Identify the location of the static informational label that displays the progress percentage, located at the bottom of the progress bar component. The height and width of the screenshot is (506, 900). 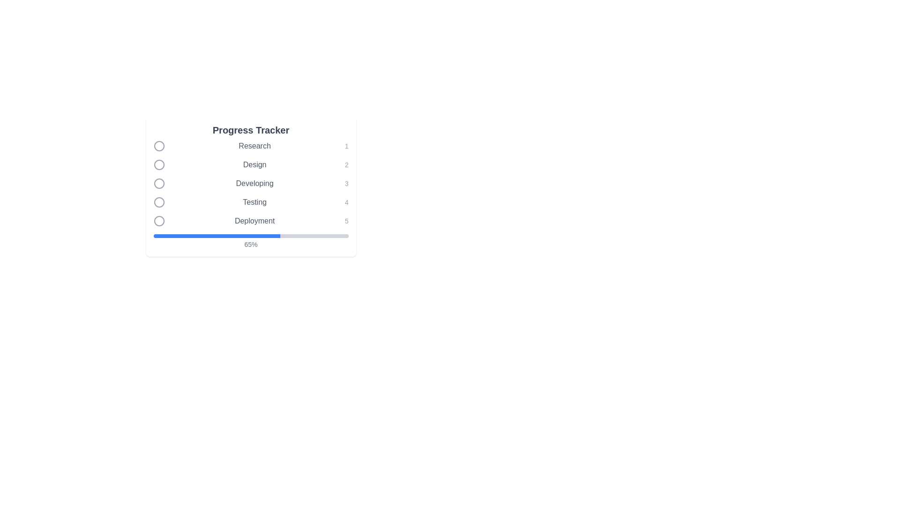
(251, 244).